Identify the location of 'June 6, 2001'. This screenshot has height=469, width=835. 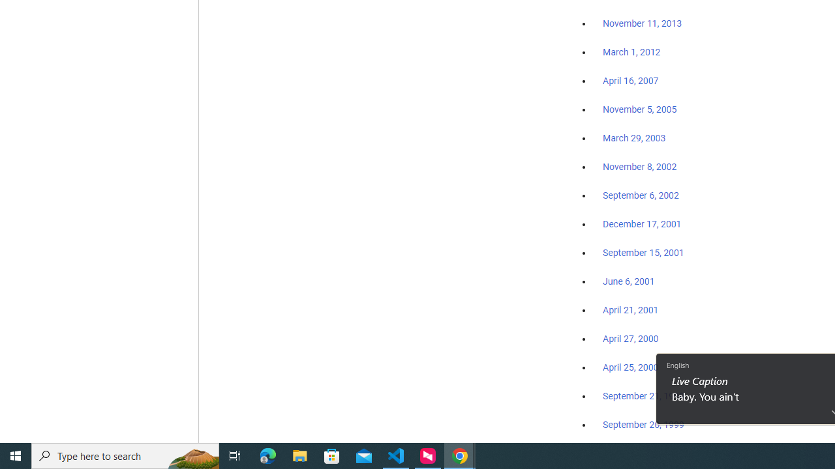
(628, 281).